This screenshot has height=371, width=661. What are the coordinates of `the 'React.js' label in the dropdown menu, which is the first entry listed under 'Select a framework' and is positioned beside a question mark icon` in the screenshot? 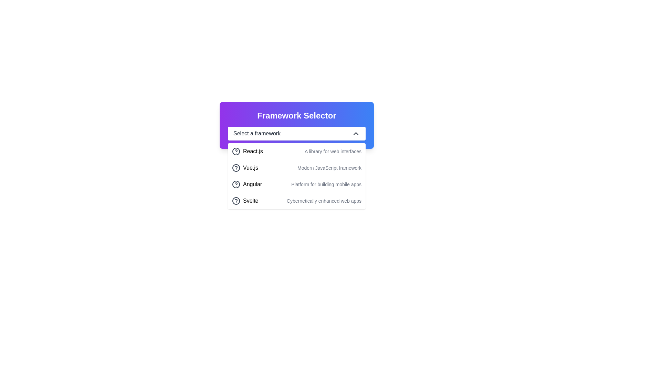 It's located at (247, 151).